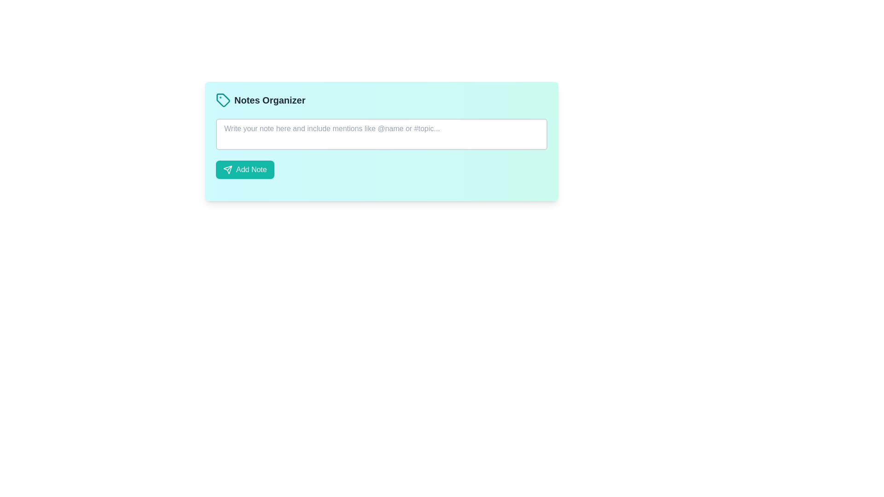 The image size is (884, 497). I want to click on the 'send' or 'add' icon located inside the rounded rectangular button labeled 'Add Note', which is positioned below the text input field in the 'Notes Organizer' section, so click(227, 170).